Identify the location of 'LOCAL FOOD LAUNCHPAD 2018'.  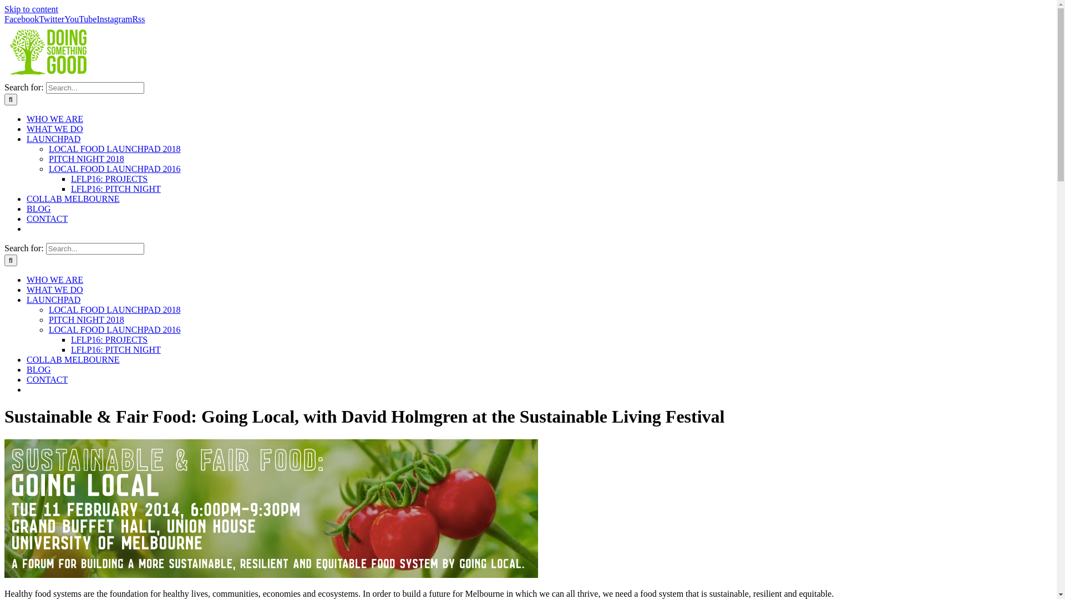
(114, 148).